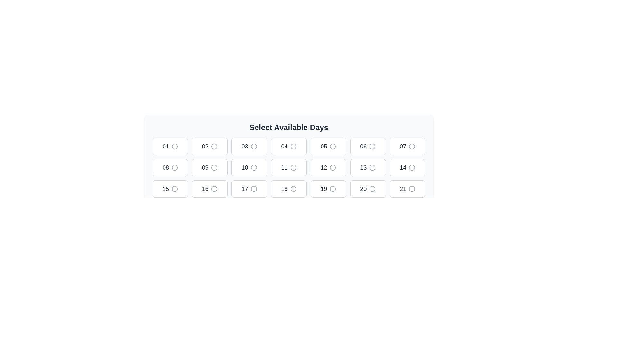 This screenshot has height=347, width=618. I want to click on the radio button for selecting the date '20' in the grid under 'Select Available Days', so click(372, 188).